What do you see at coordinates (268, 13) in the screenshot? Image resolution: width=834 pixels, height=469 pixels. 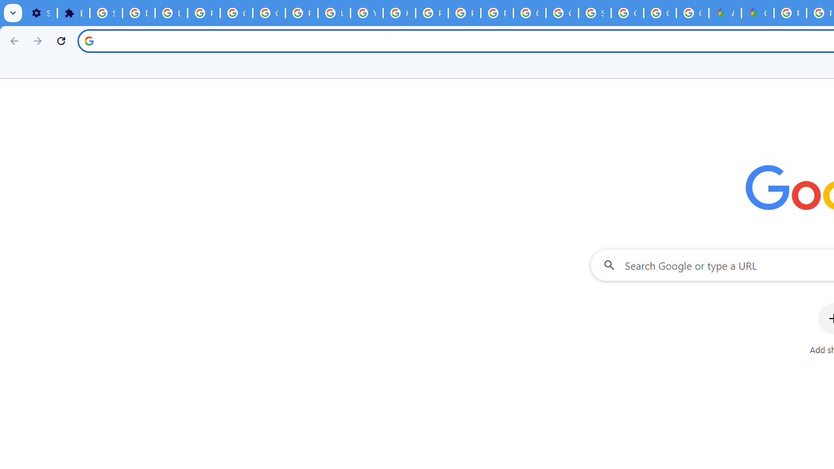 I see `'Google Account Help'` at bounding box center [268, 13].